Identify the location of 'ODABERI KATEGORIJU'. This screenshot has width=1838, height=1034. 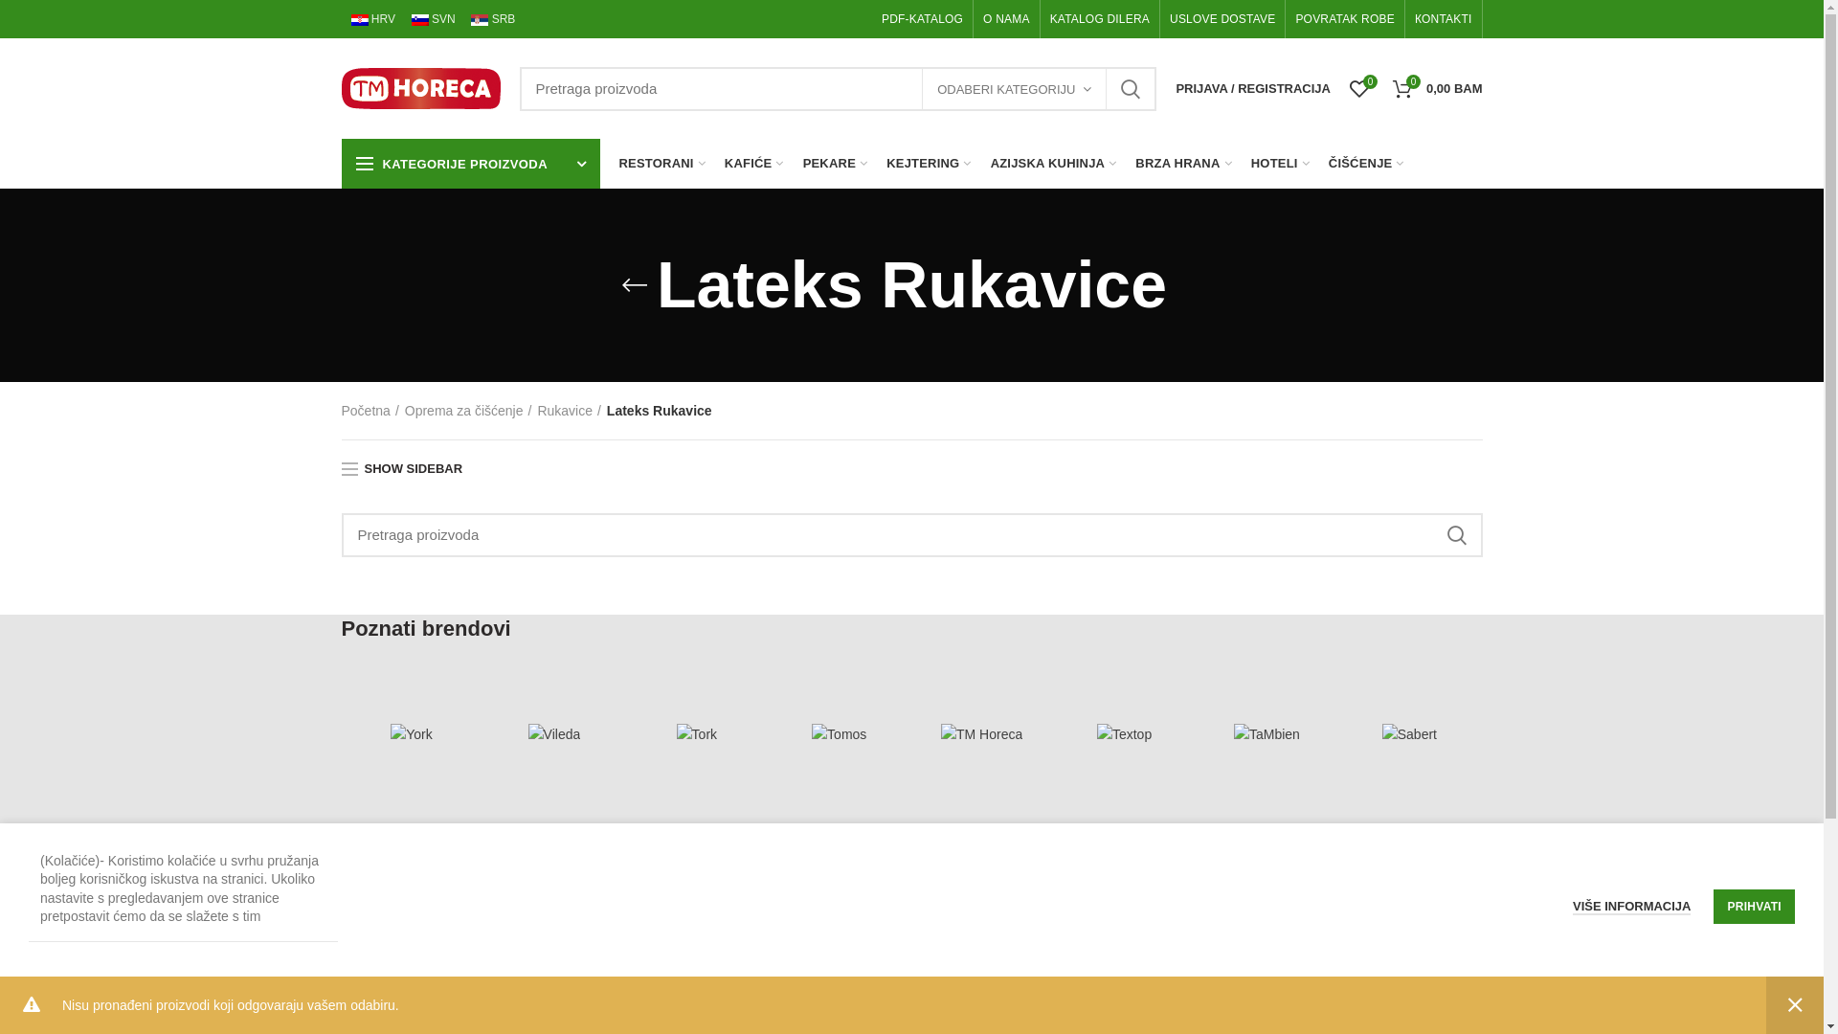
(923, 89).